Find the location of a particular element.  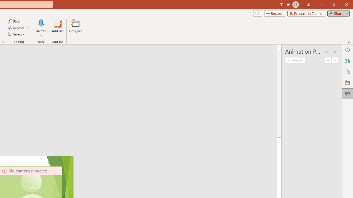

'Comments' is located at coordinates (257, 13).